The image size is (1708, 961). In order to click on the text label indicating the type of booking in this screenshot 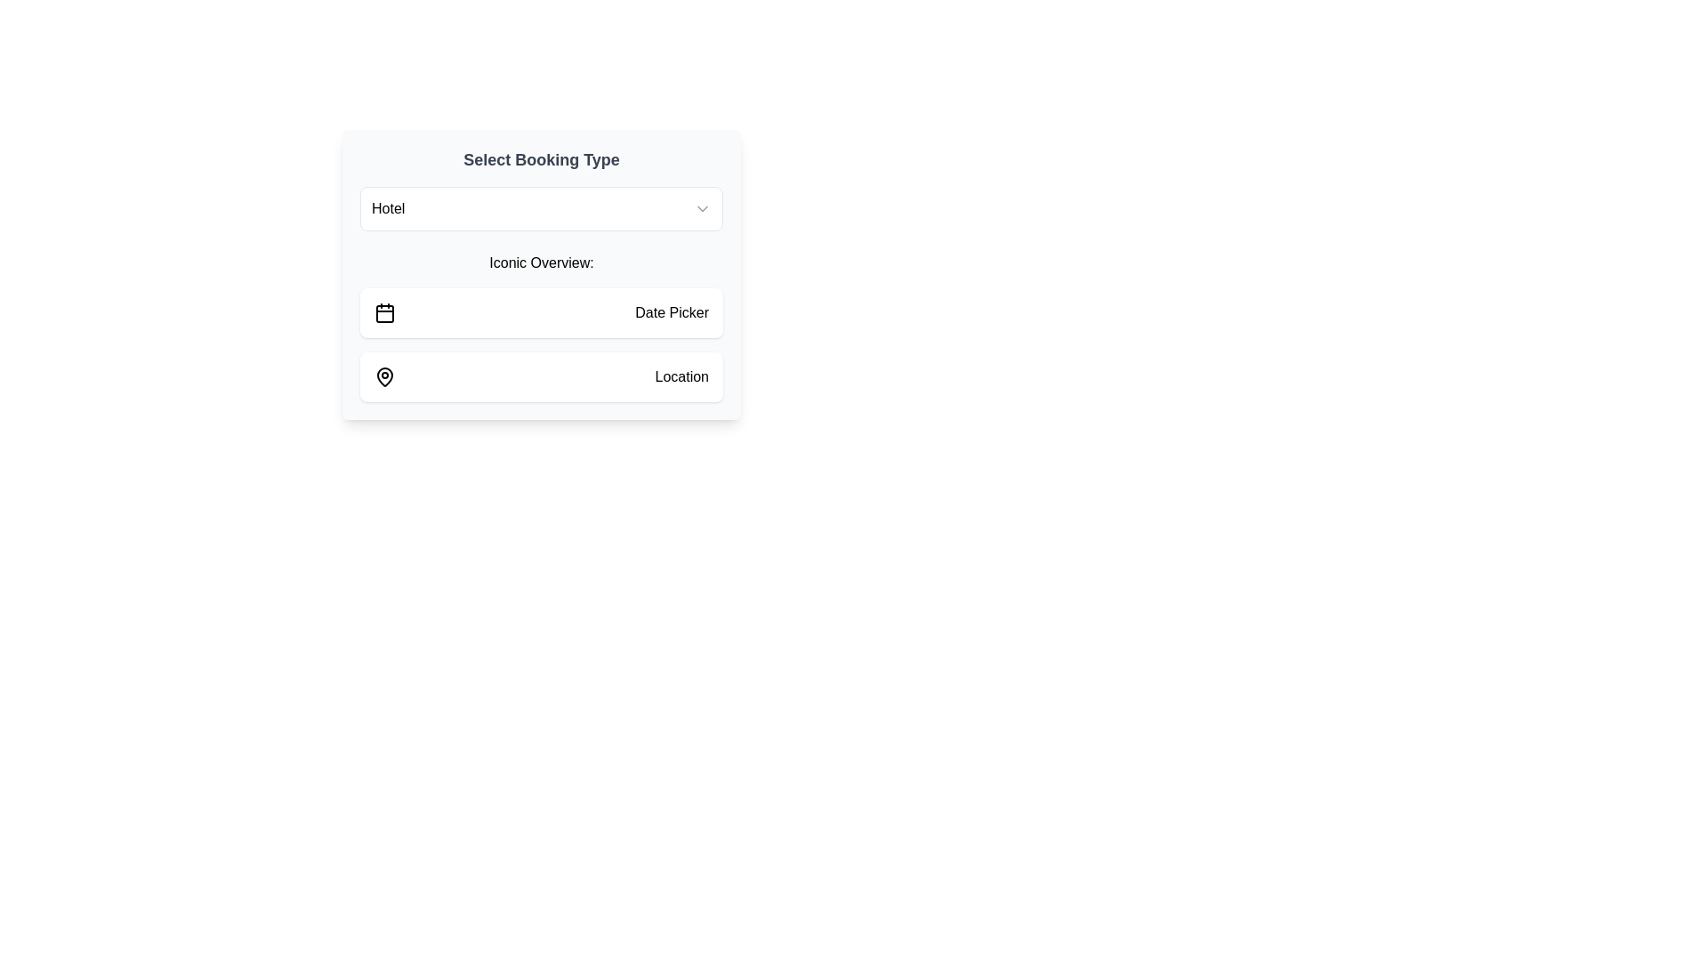, I will do `click(387, 208)`.